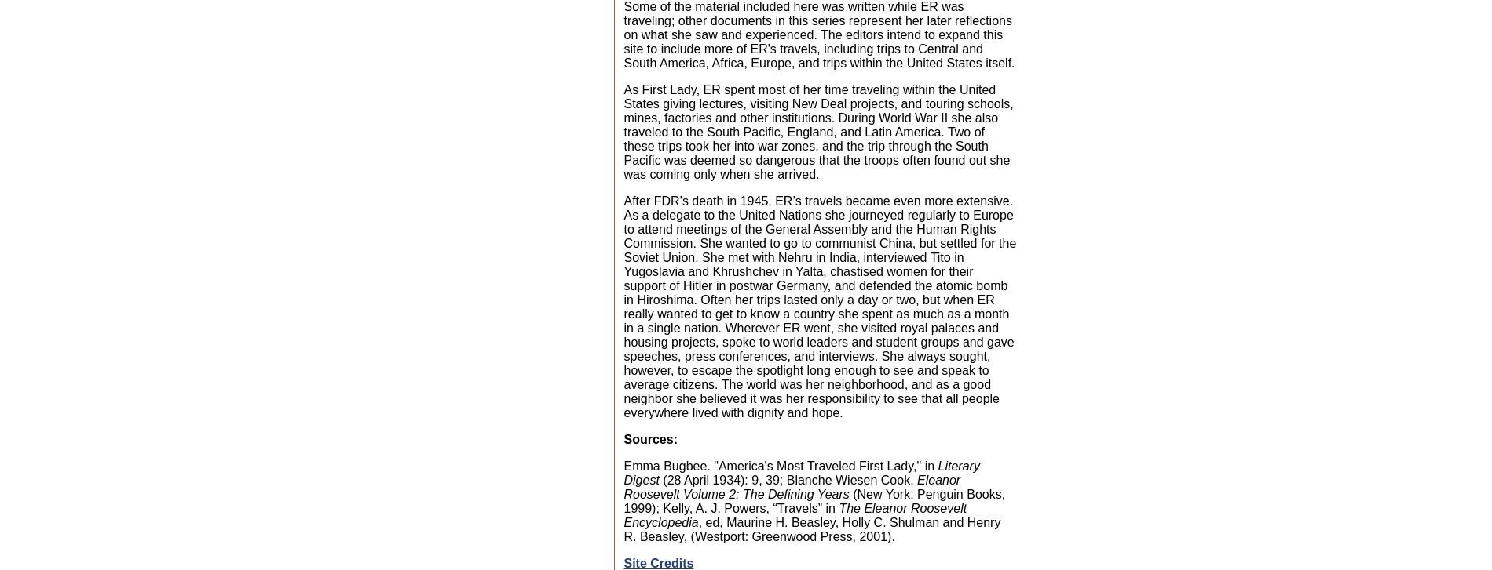 The image size is (1492, 570). Describe the element at coordinates (818, 34) in the screenshot. I see `'Some of the material included here was written while ER was traveling; other documents in this series represent her later reflections on what she saw and experienced. The editors intend to expand this site to include more of ER's travels, including trips to Central and South America, Africa, Europe, and trips within the United  States itself.'` at that location.